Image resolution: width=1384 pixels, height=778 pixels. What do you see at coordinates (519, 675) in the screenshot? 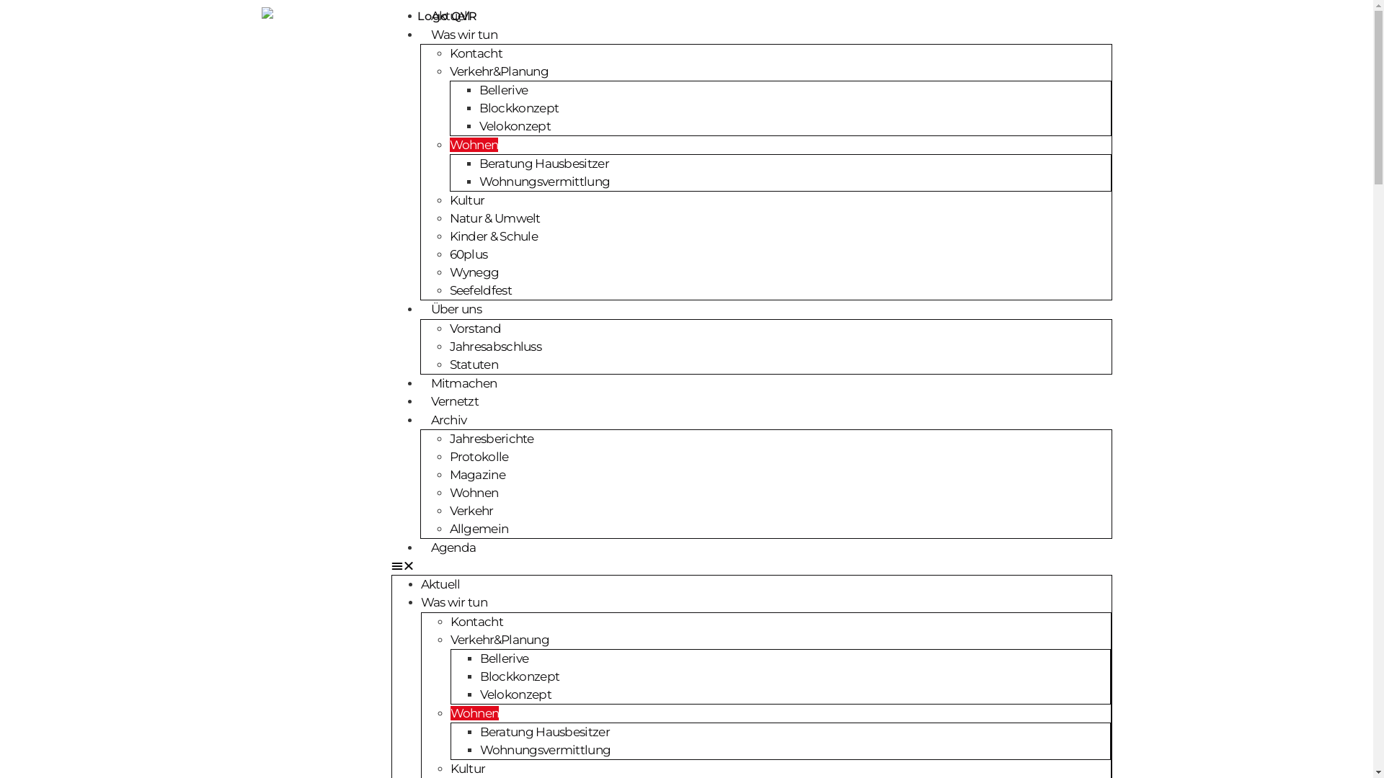
I see `'Blockkonzept'` at bounding box center [519, 675].